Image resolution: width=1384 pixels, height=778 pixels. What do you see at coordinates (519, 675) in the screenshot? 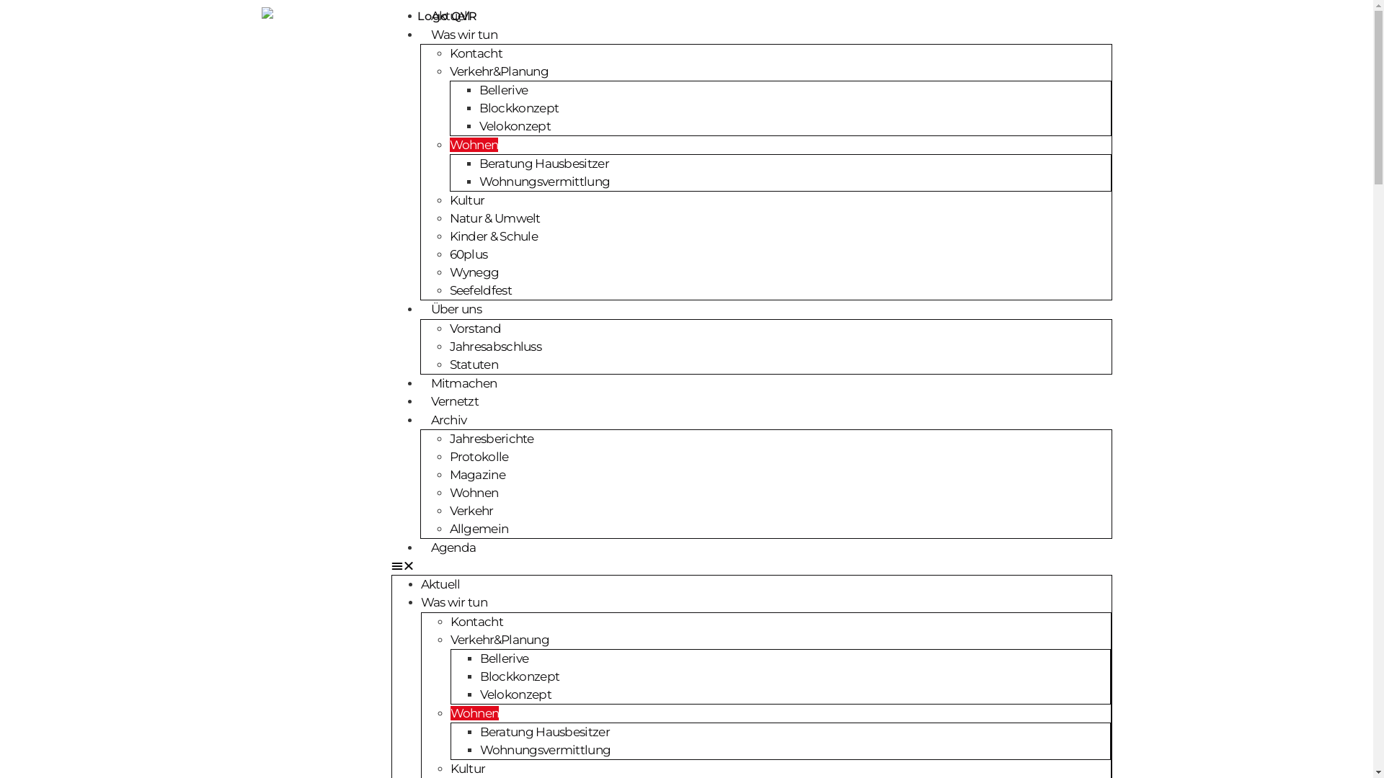
I see `'Blockkonzept'` at bounding box center [519, 675].